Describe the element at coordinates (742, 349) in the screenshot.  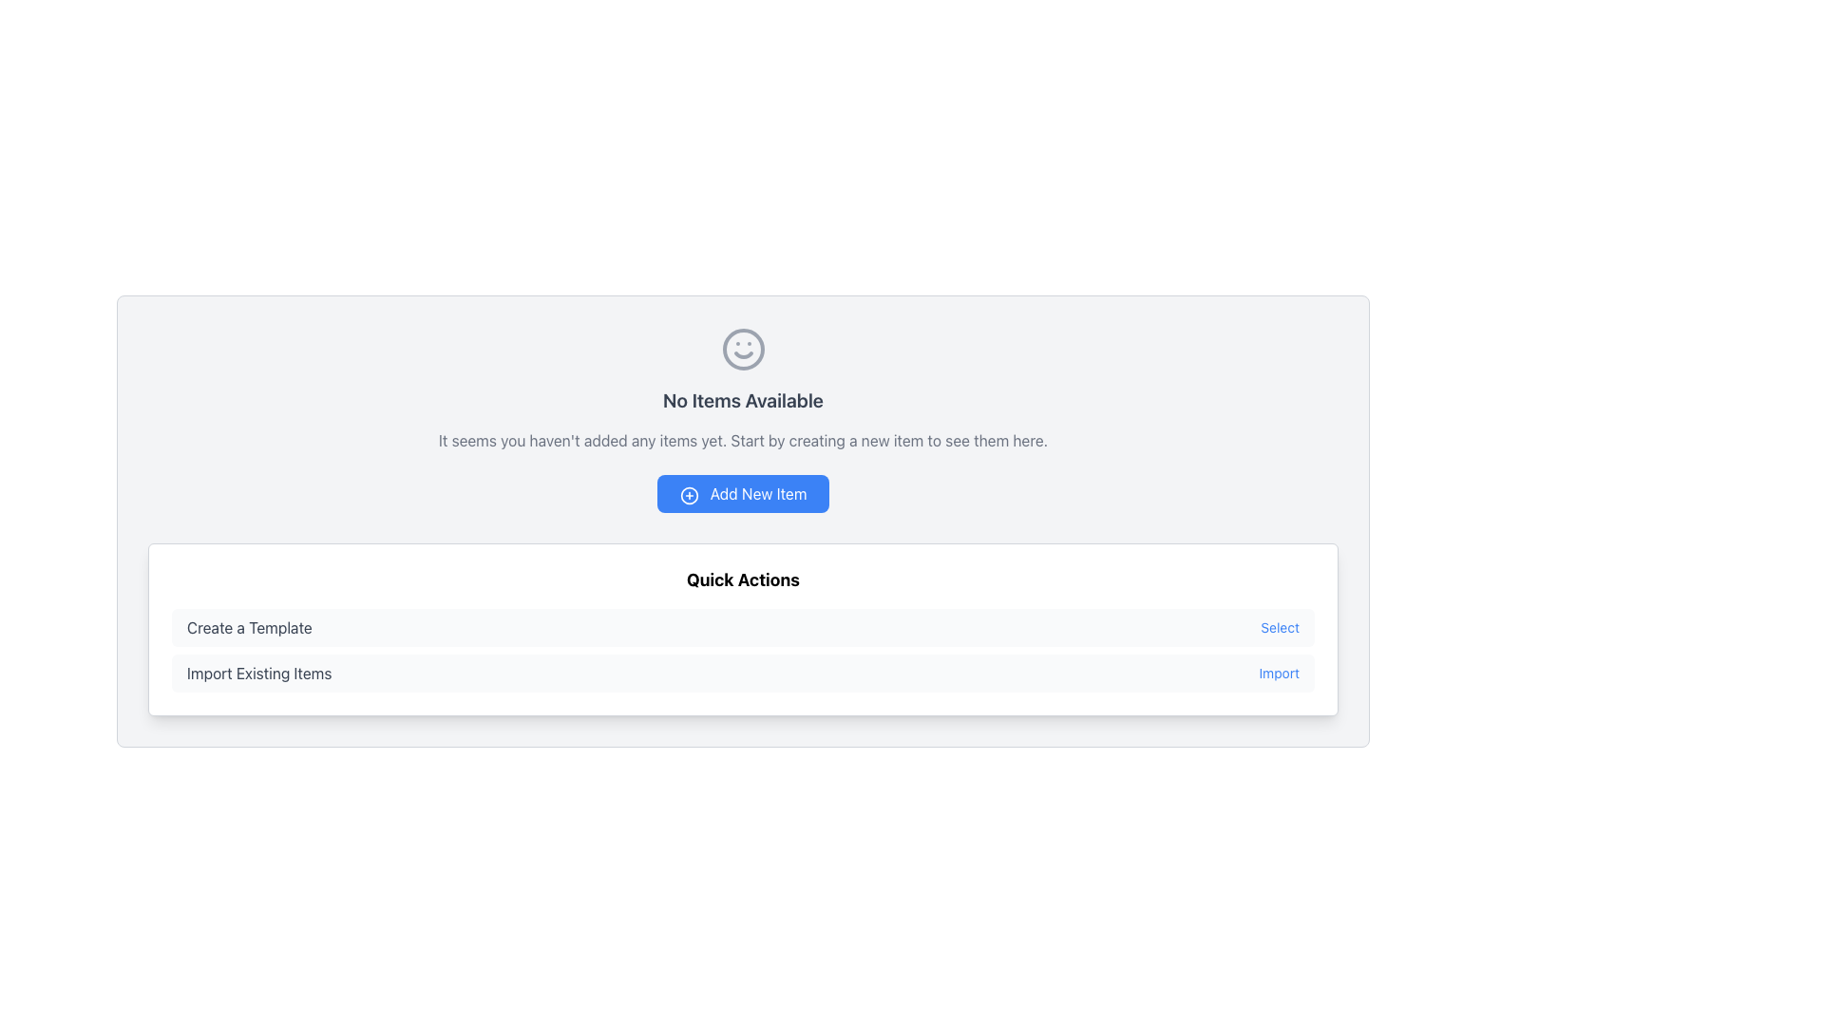
I see `the icon that visually represents the absence of items, located above the 'No Items Available' text` at that location.